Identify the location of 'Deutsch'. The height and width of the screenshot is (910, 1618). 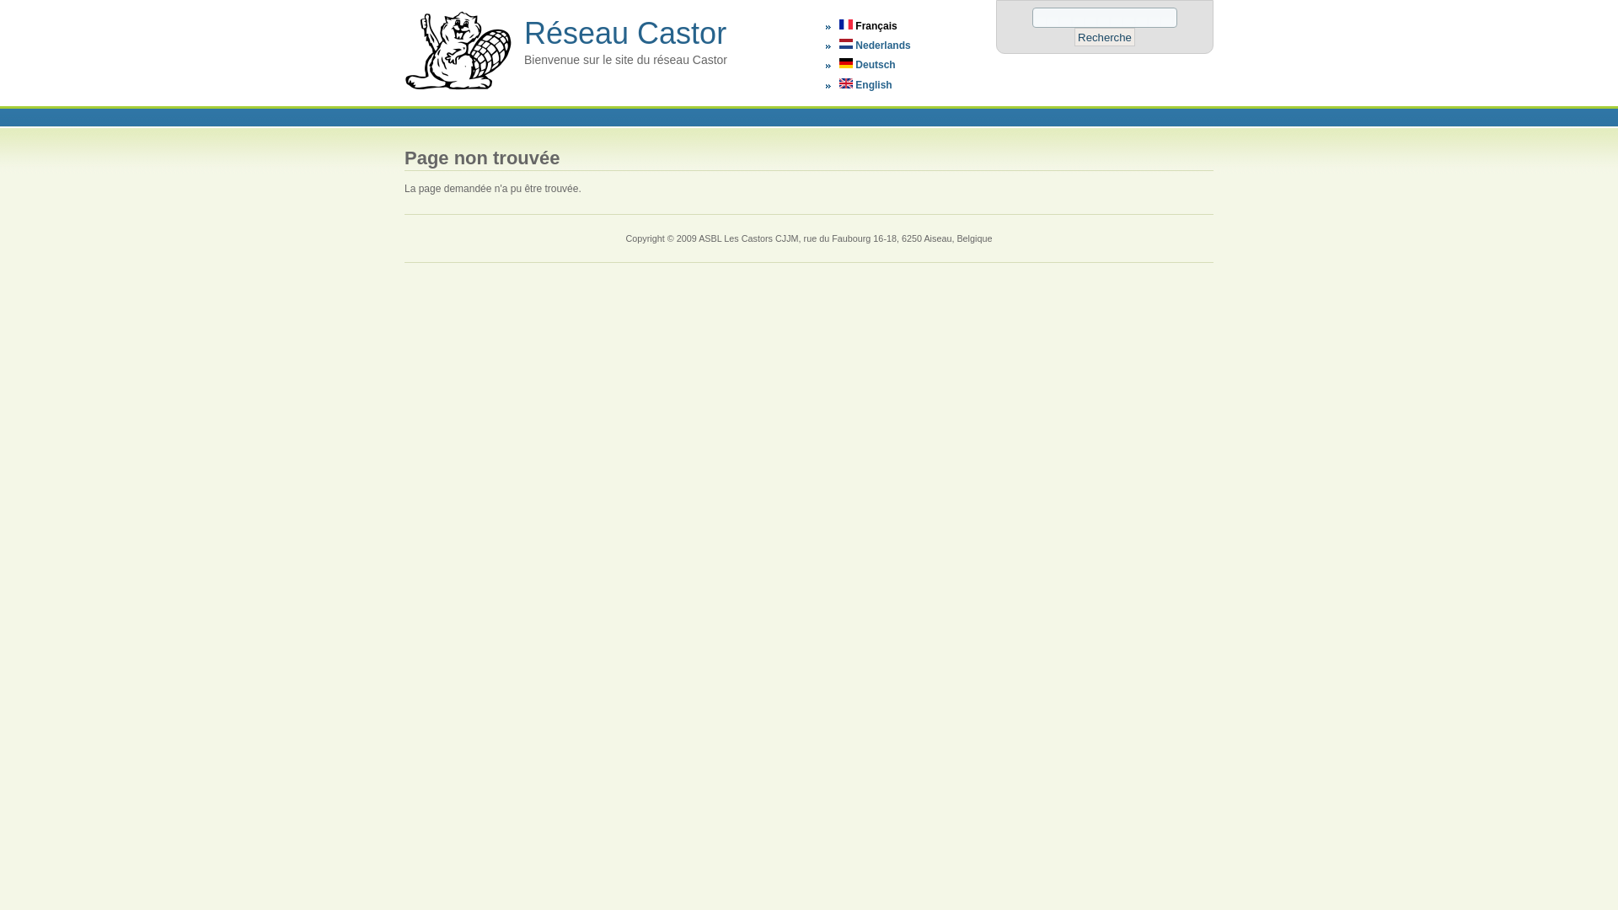
(867, 64).